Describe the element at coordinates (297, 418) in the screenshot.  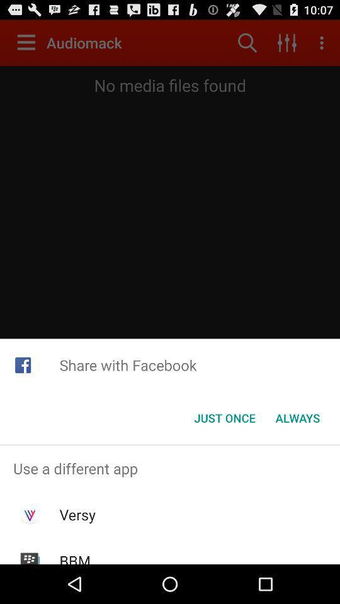
I see `the always icon` at that location.